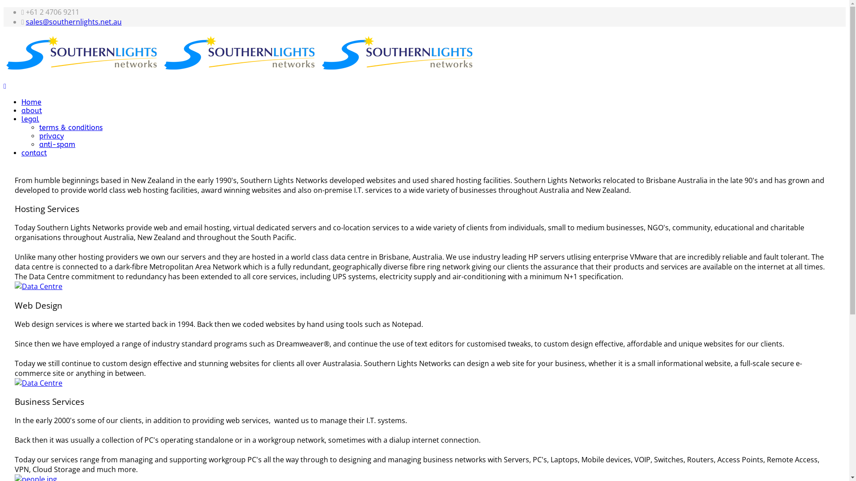  What do you see at coordinates (74, 21) in the screenshot?
I see `'sales@southernlights.net.au'` at bounding box center [74, 21].